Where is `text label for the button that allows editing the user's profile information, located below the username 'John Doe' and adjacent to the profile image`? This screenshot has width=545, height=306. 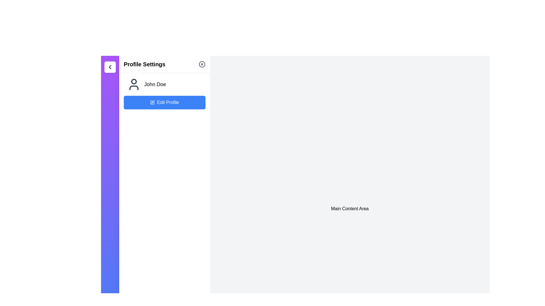 text label for the button that allows editing the user's profile information, located below the username 'John Doe' and adjacent to the profile image is located at coordinates (167, 103).